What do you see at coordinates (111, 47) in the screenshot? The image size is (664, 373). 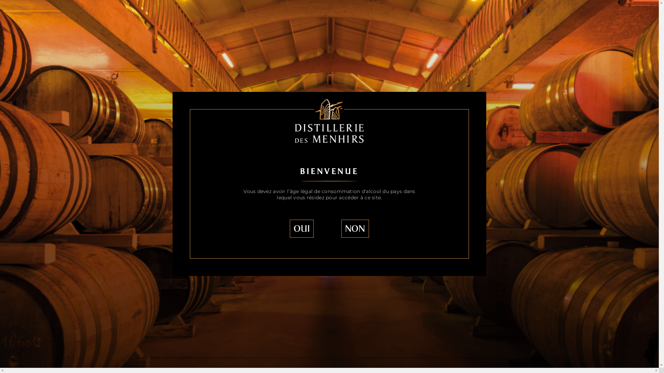 I see `'DISTILLERIE DES MENHIRS'` at bounding box center [111, 47].